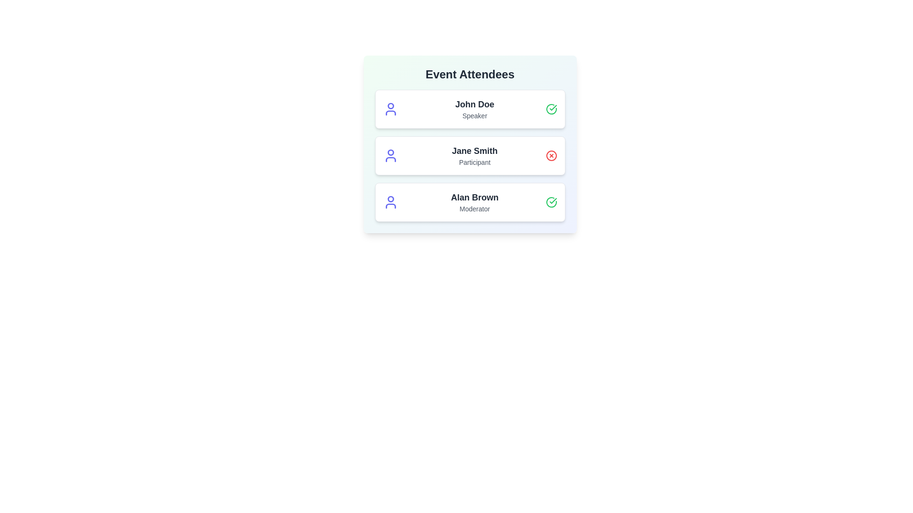 The image size is (913, 513). What do you see at coordinates (475, 104) in the screenshot?
I see `the name of an attendee to view their details. The attendee can be selected using the parameter John Doe` at bounding box center [475, 104].